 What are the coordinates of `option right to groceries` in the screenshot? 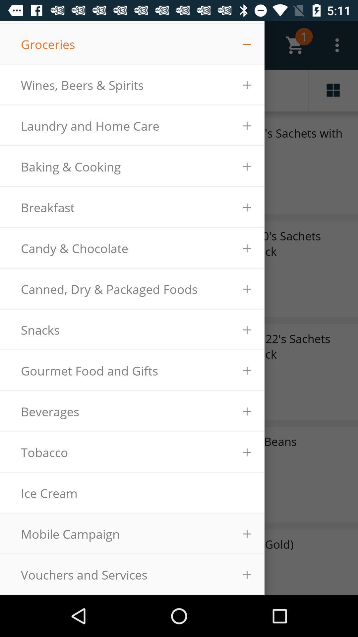 It's located at (254, 45).